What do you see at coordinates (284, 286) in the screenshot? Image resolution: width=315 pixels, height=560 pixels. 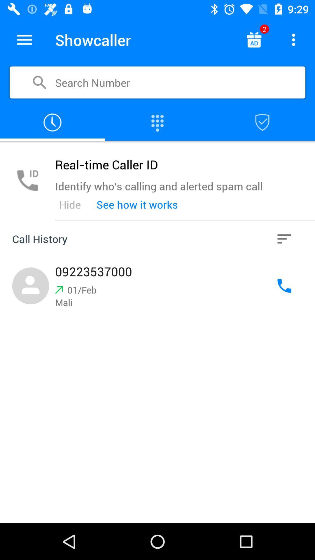 I see `call this number` at bounding box center [284, 286].